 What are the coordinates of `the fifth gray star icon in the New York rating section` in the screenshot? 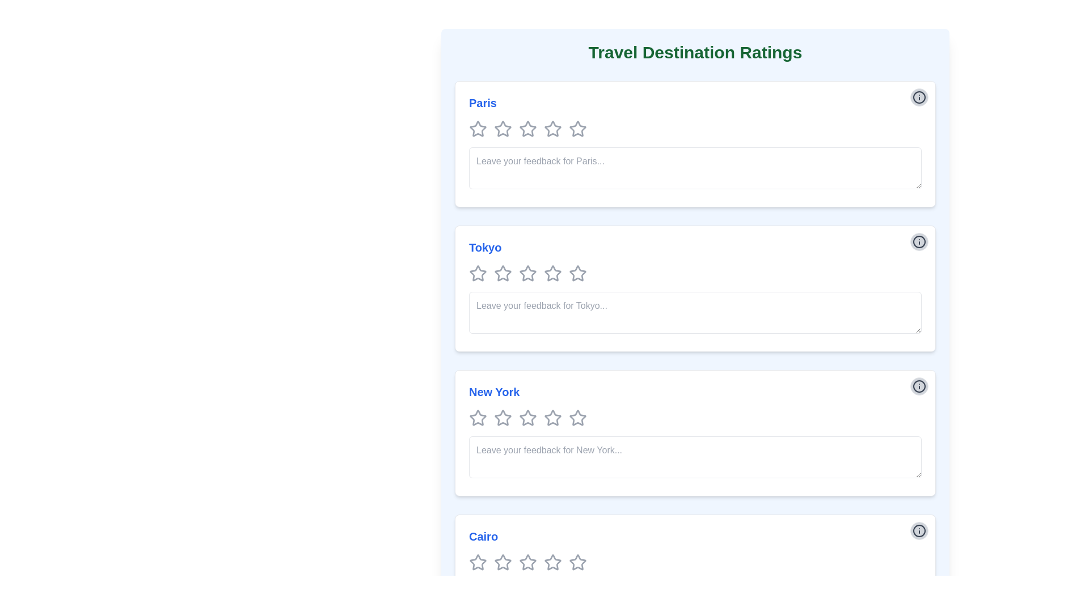 It's located at (552, 418).